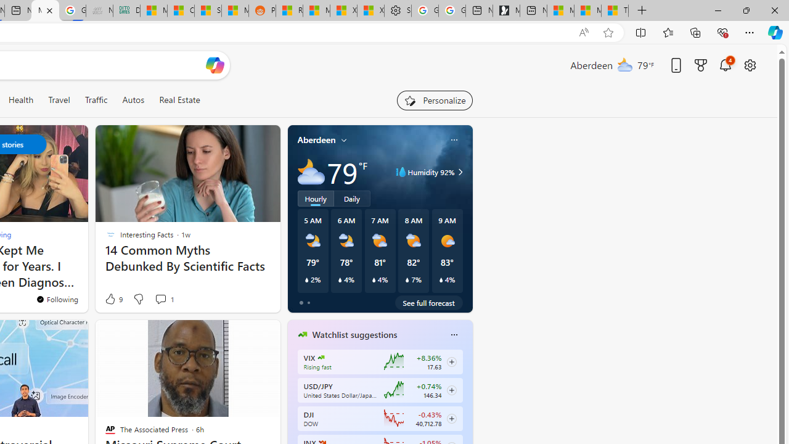 This screenshot has width=789, height=444. What do you see at coordinates (441, 279) in the screenshot?
I see `'Class: weather-current-precipitation-glyph'` at bounding box center [441, 279].